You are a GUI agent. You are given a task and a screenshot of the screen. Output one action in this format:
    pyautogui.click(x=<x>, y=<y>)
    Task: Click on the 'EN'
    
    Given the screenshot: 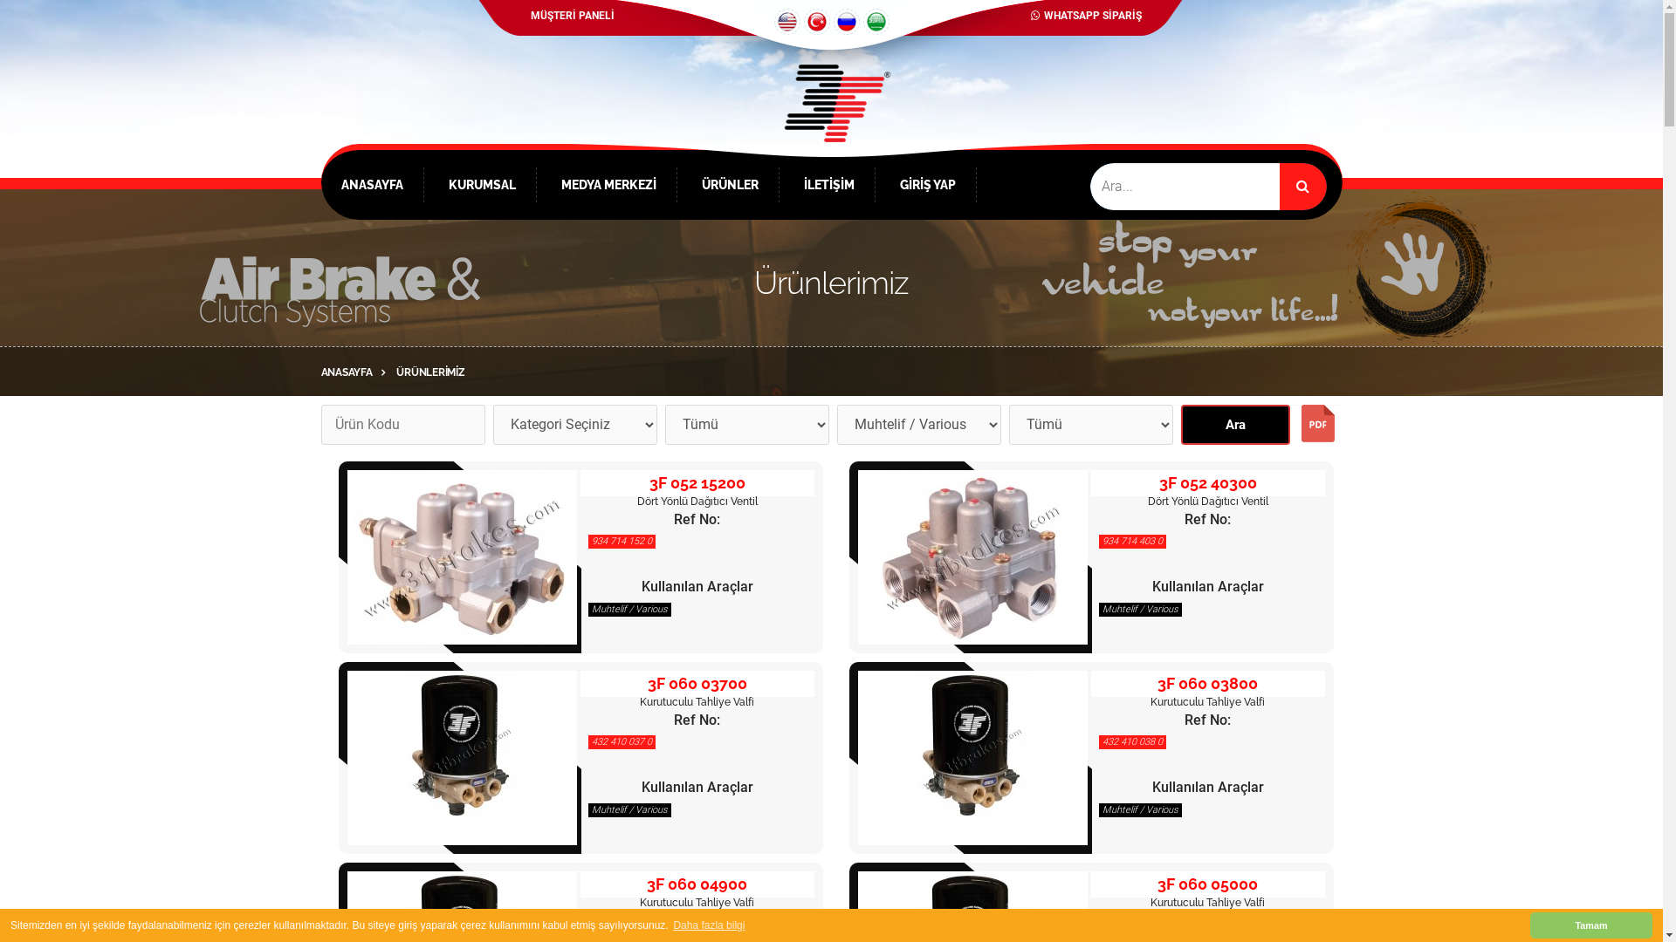 What is the action you would take?
    pyautogui.click(x=773, y=21)
    